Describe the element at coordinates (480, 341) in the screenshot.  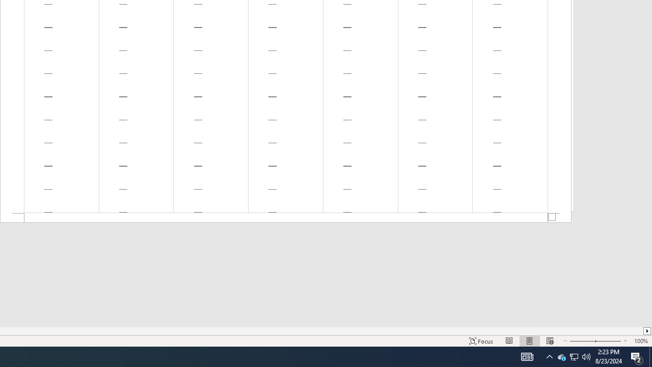
I see `'Focus '` at that location.